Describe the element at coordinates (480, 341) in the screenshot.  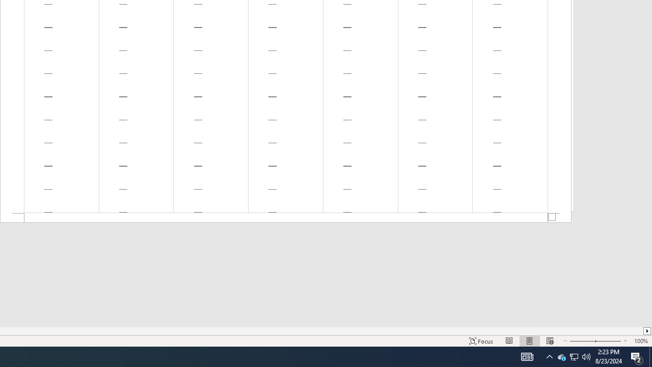
I see `'Focus '` at that location.